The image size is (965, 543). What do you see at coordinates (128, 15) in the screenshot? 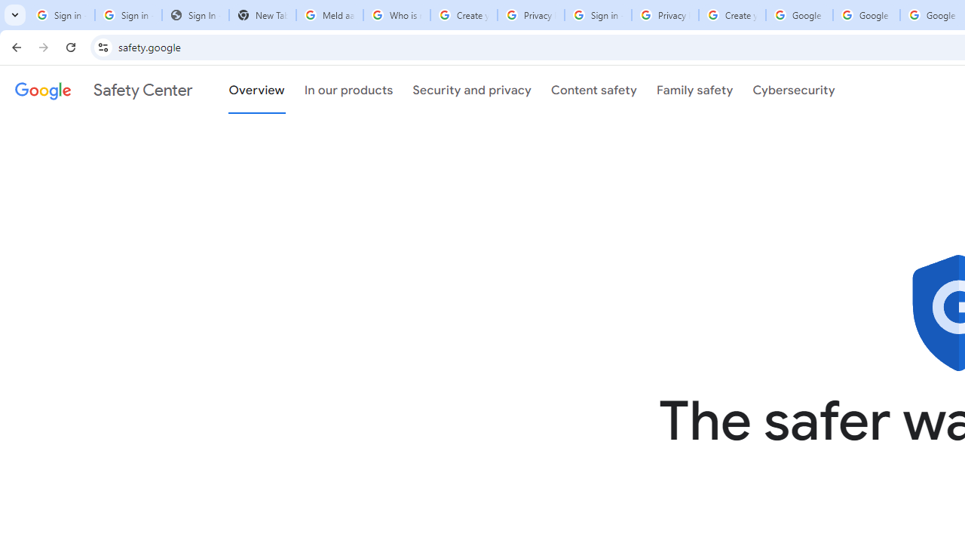
I see `'Sign in - Google Accounts'` at bounding box center [128, 15].